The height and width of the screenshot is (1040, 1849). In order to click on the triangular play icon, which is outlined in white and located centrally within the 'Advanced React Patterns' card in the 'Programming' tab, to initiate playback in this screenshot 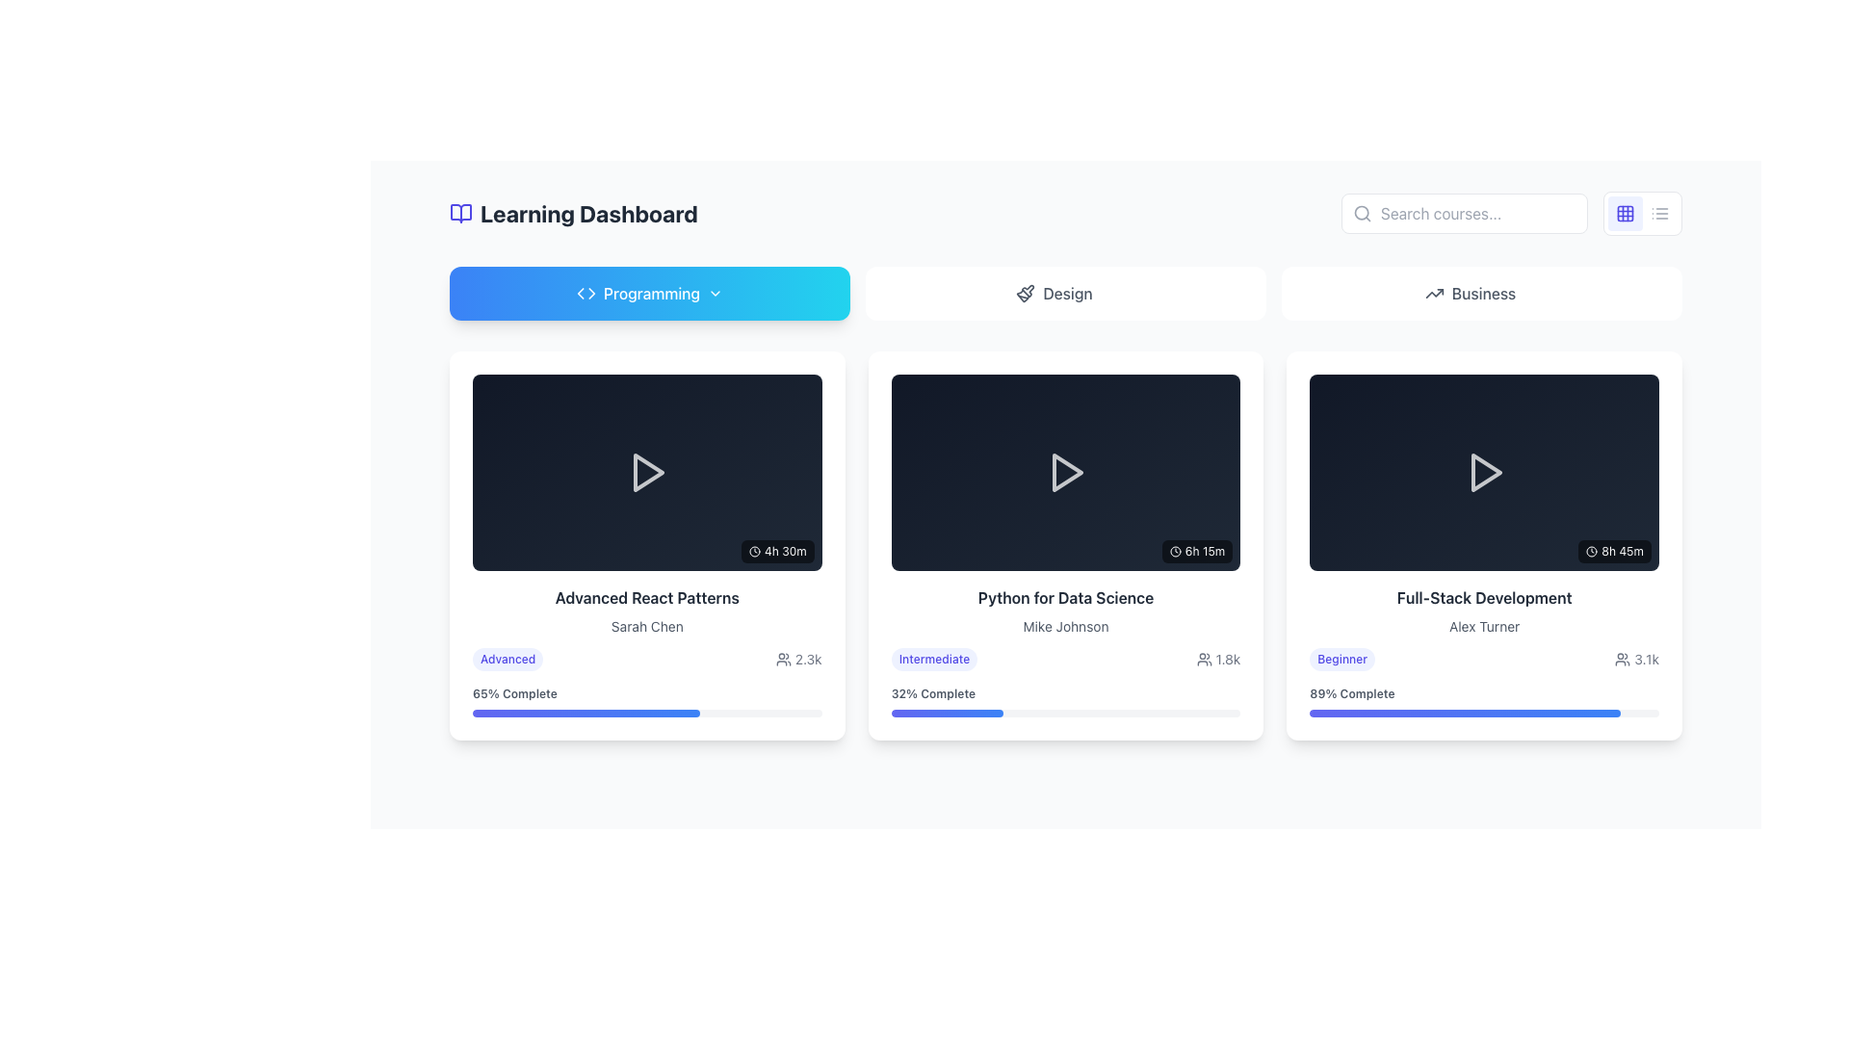, I will do `click(647, 472)`.